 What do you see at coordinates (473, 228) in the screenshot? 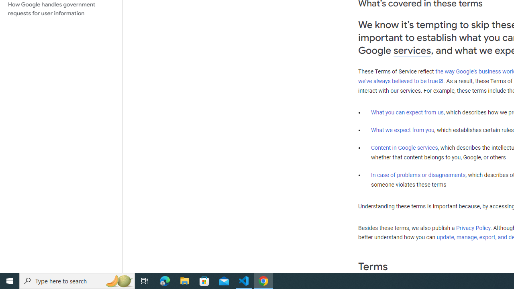
I see `'Privacy Policy'` at bounding box center [473, 228].